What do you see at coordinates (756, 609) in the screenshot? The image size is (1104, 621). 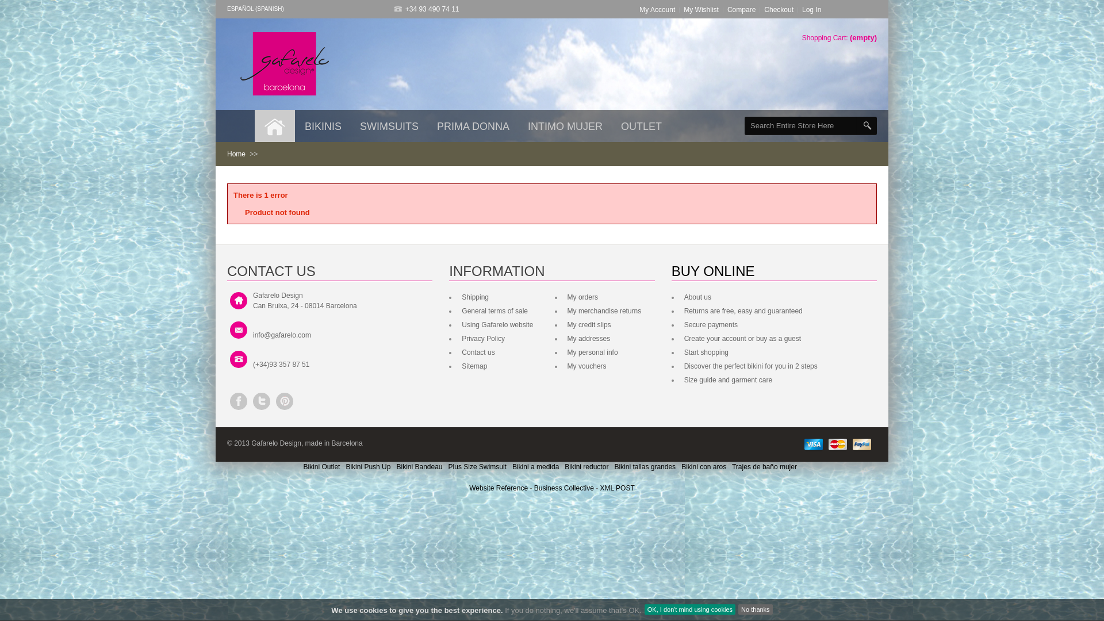 I see `'No thanks'` at bounding box center [756, 609].